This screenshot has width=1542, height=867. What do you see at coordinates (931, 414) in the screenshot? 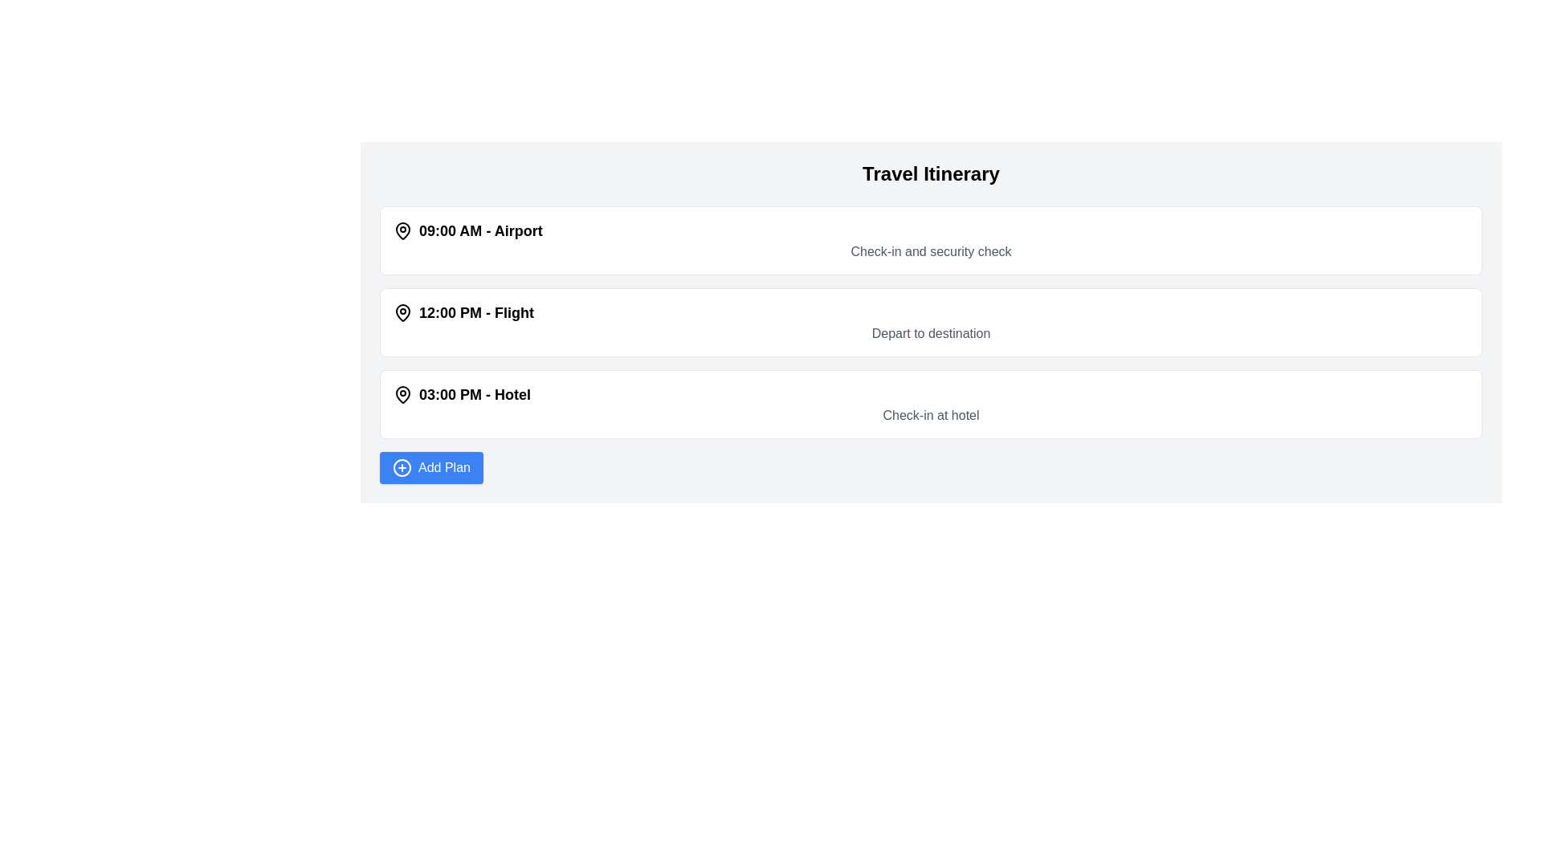
I see `the informational text element located inside the third item of the travel itinerary list, below the '03:00 PM - Hotel' title` at bounding box center [931, 414].